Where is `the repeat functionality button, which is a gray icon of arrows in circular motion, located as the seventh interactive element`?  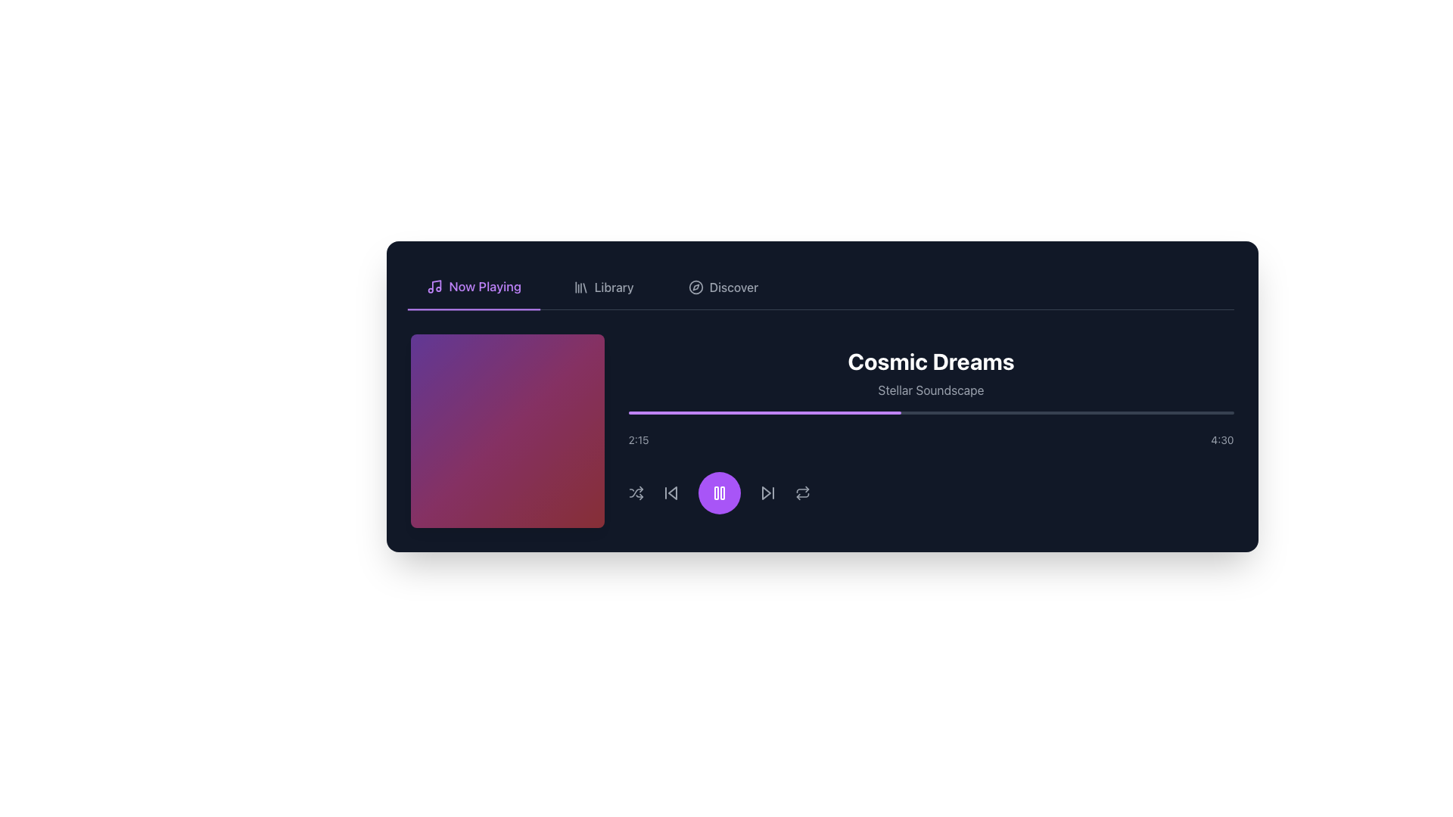 the repeat functionality button, which is a gray icon of arrows in circular motion, located as the seventh interactive element is located at coordinates (801, 492).